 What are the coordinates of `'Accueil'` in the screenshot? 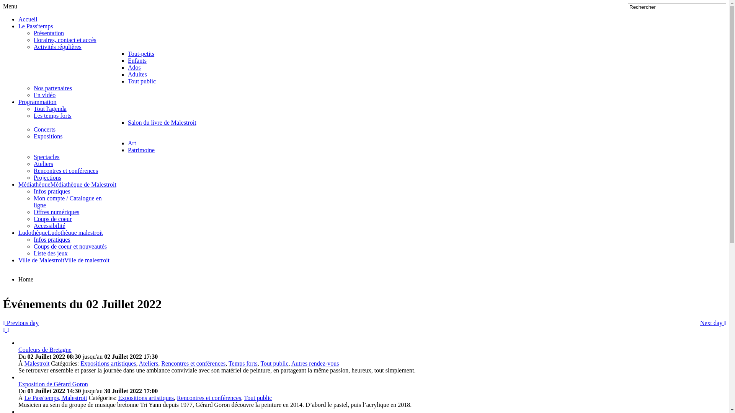 It's located at (28, 19).